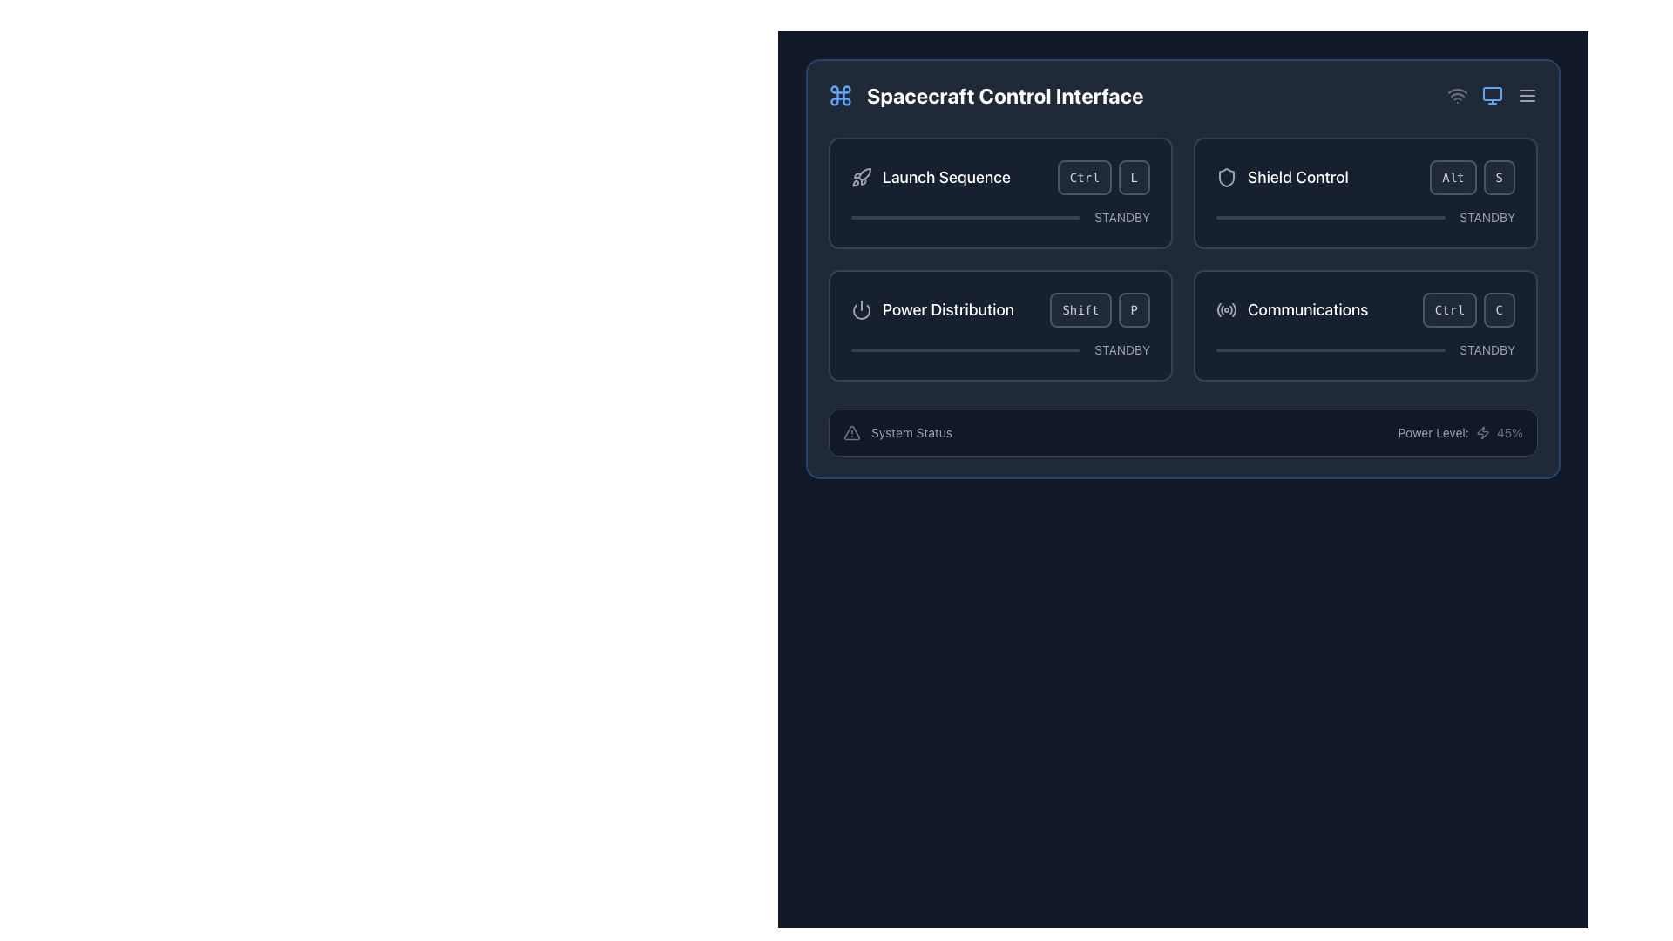 This screenshot has width=1673, height=941. What do you see at coordinates (1481, 432) in the screenshot?
I see `the gray lightning bolt icon located in the 'Power Level: 45%' section, positioned to the right of the text 'Power Level:' and before the numeric representation '45%` at bounding box center [1481, 432].